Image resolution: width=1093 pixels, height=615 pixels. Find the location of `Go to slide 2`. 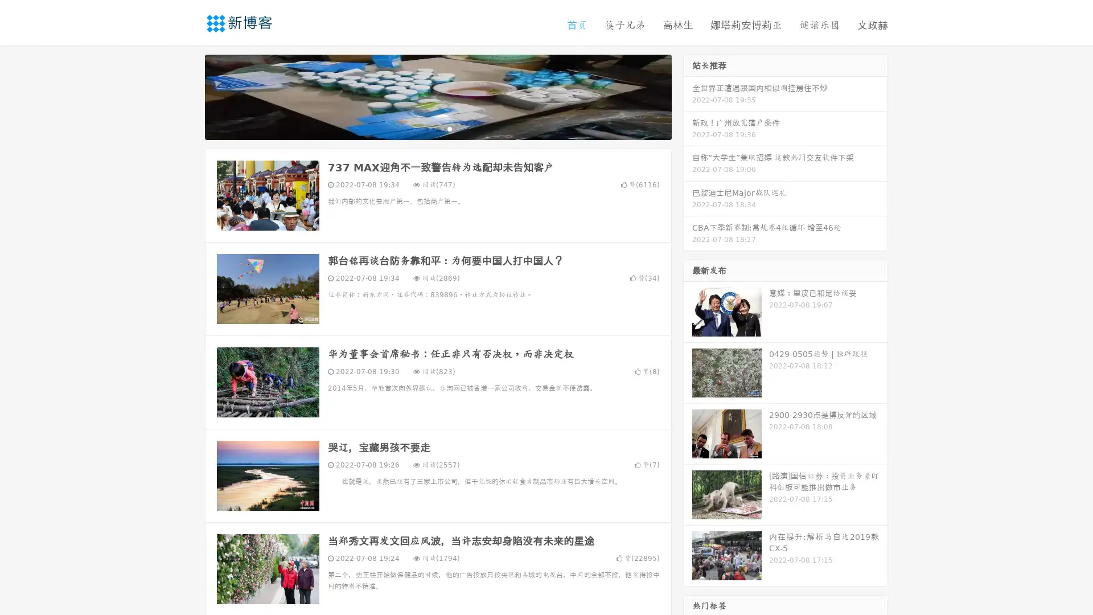

Go to slide 2 is located at coordinates (437, 128).